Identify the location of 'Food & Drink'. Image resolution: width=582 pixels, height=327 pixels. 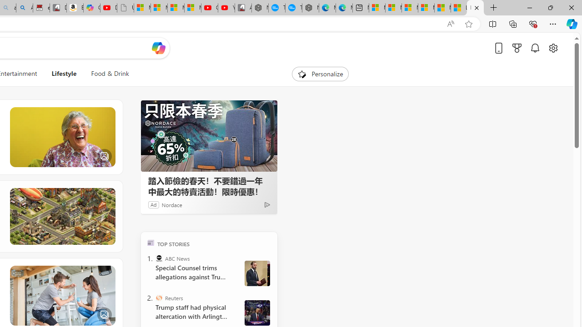
(109, 74).